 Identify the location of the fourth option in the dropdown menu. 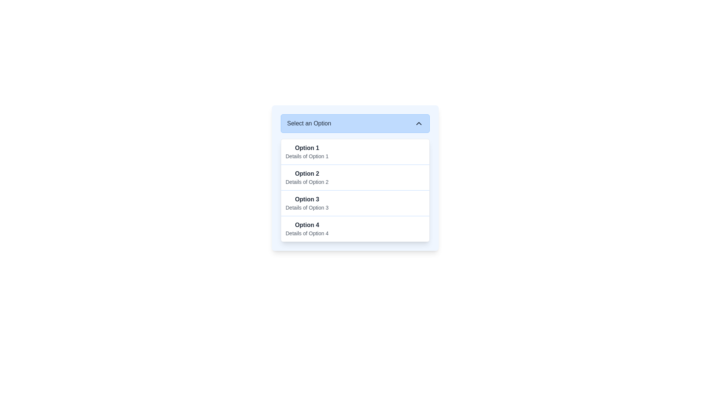
(307, 228).